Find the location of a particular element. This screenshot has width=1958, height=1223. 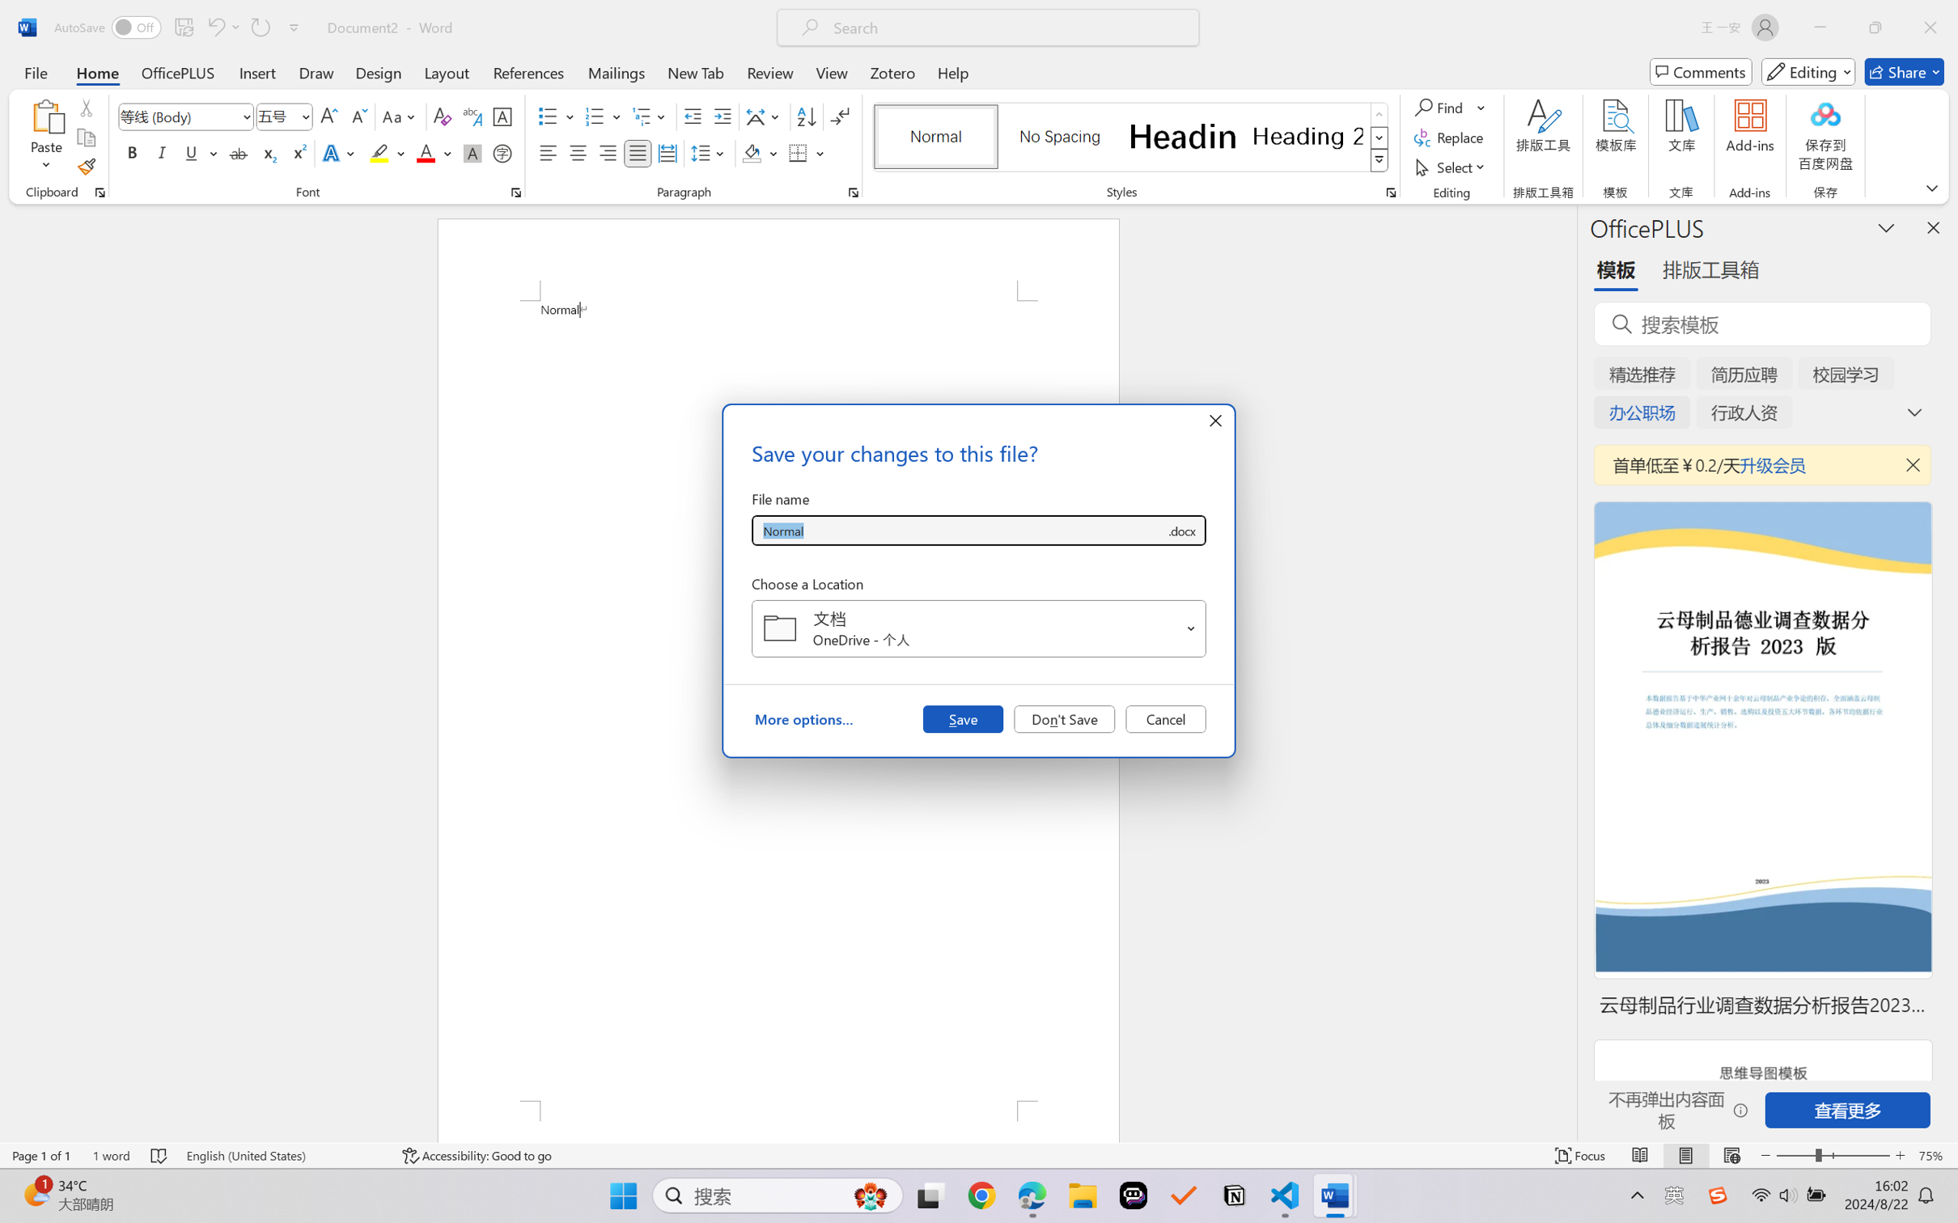

'Undo Apply Quick Style' is located at coordinates (214, 27).